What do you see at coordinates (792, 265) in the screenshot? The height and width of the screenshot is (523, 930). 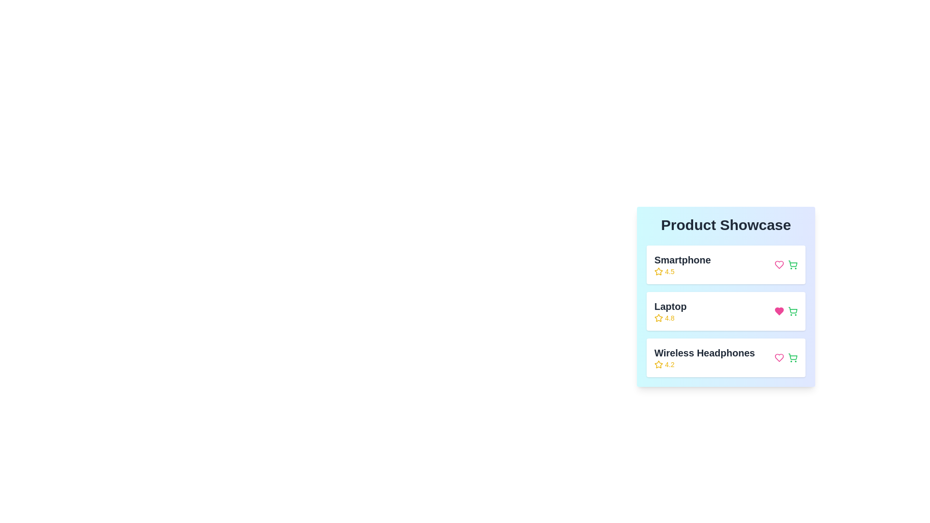 I see `shopping cart button for the product Smartphone` at bounding box center [792, 265].